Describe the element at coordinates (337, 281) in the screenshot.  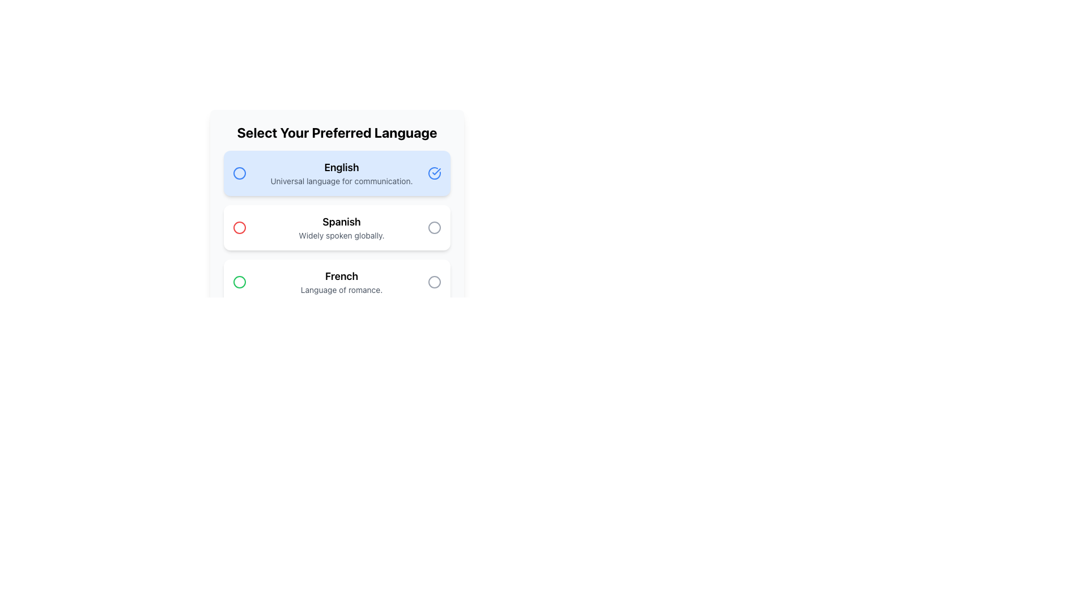
I see `the third selectable option in the language selection menu titled 'Select Your Preferred Language'` at that location.